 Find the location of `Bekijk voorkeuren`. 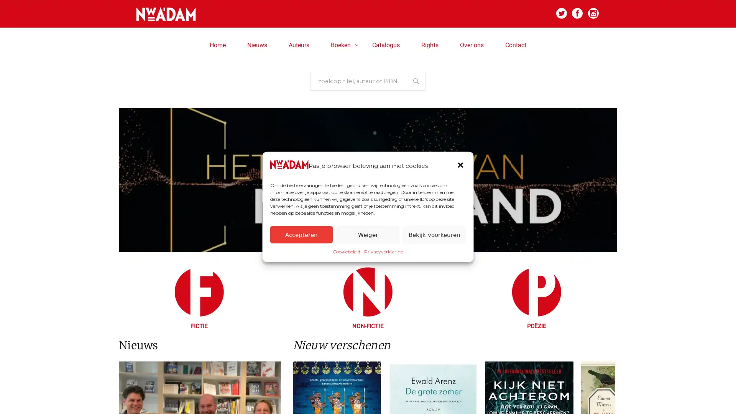

Bekijk voorkeuren is located at coordinates (434, 234).